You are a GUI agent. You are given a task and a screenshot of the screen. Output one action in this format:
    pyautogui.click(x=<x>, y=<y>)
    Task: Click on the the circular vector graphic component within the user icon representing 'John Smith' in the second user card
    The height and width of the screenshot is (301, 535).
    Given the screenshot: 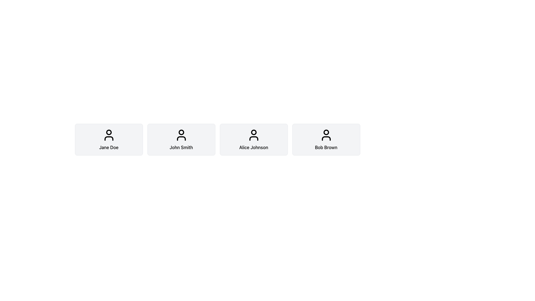 What is the action you would take?
    pyautogui.click(x=181, y=132)
    